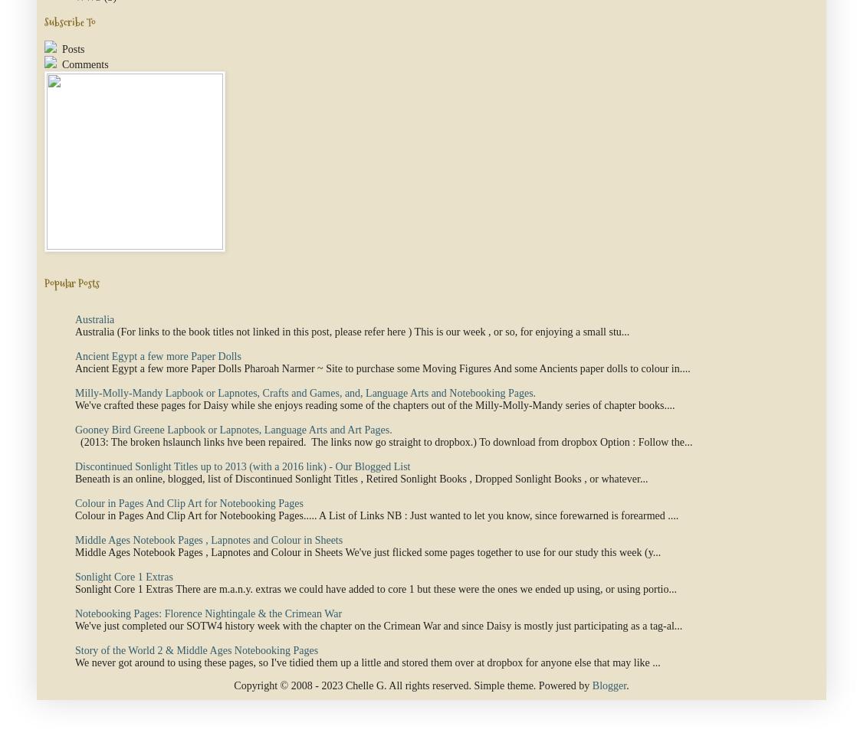 This screenshot has height=736, width=857. Describe the element at coordinates (75, 502) in the screenshot. I see `'Colour in Pages And Clip Art for Notebooking Pages'` at that location.